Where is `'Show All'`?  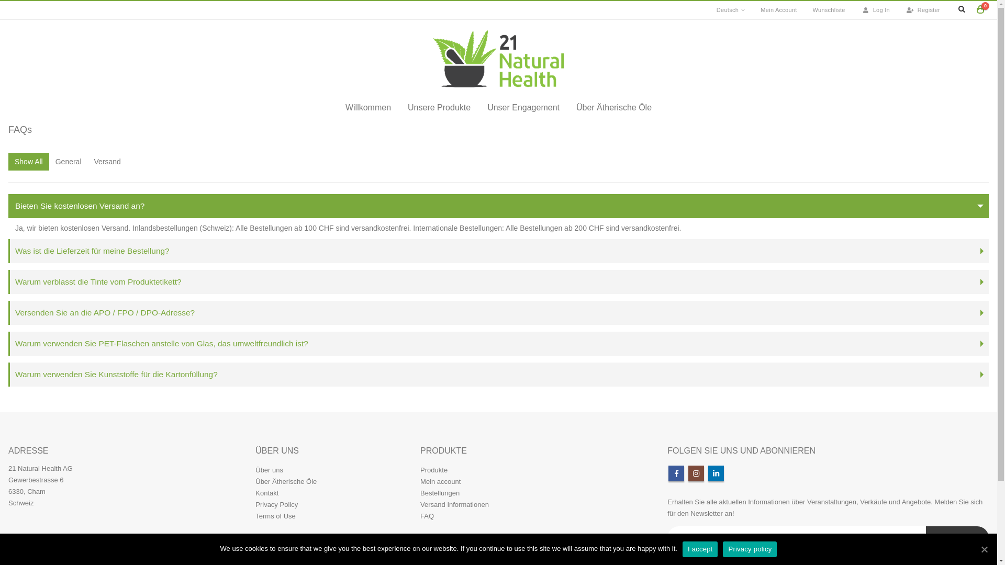
'Show All' is located at coordinates (28, 161).